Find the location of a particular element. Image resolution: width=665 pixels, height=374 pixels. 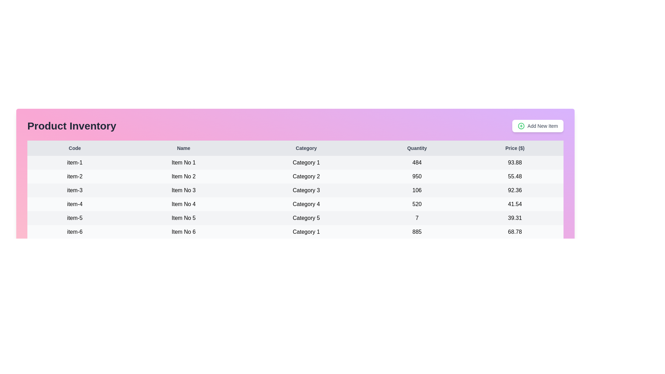

the table header Name to observe sorting functionality is located at coordinates (183, 148).